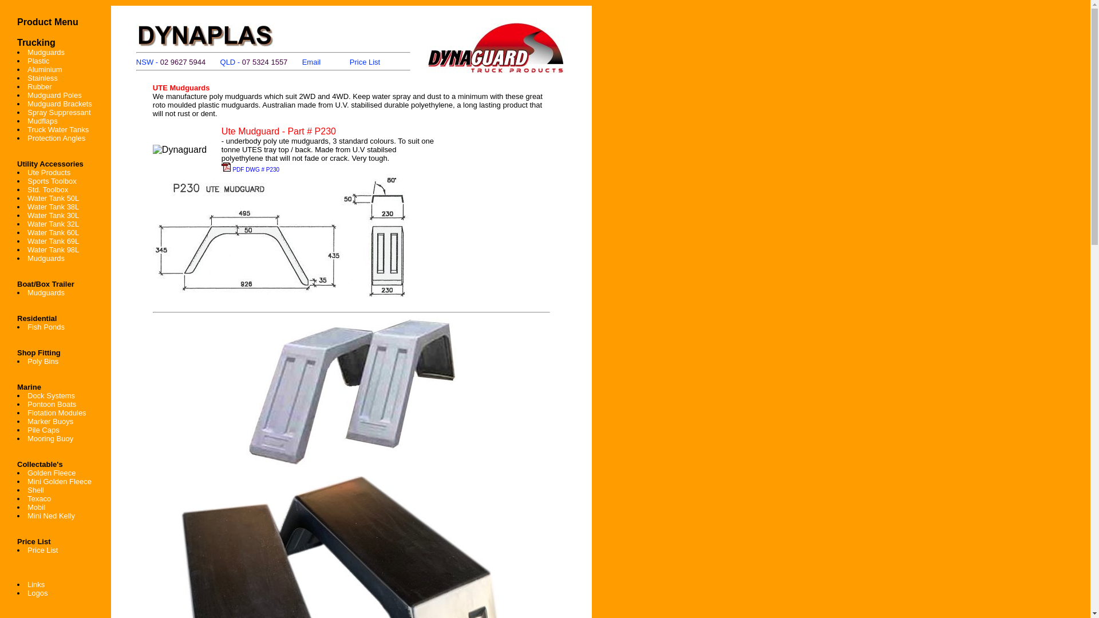  What do you see at coordinates (49, 421) in the screenshot?
I see `'Marker Buoys'` at bounding box center [49, 421].